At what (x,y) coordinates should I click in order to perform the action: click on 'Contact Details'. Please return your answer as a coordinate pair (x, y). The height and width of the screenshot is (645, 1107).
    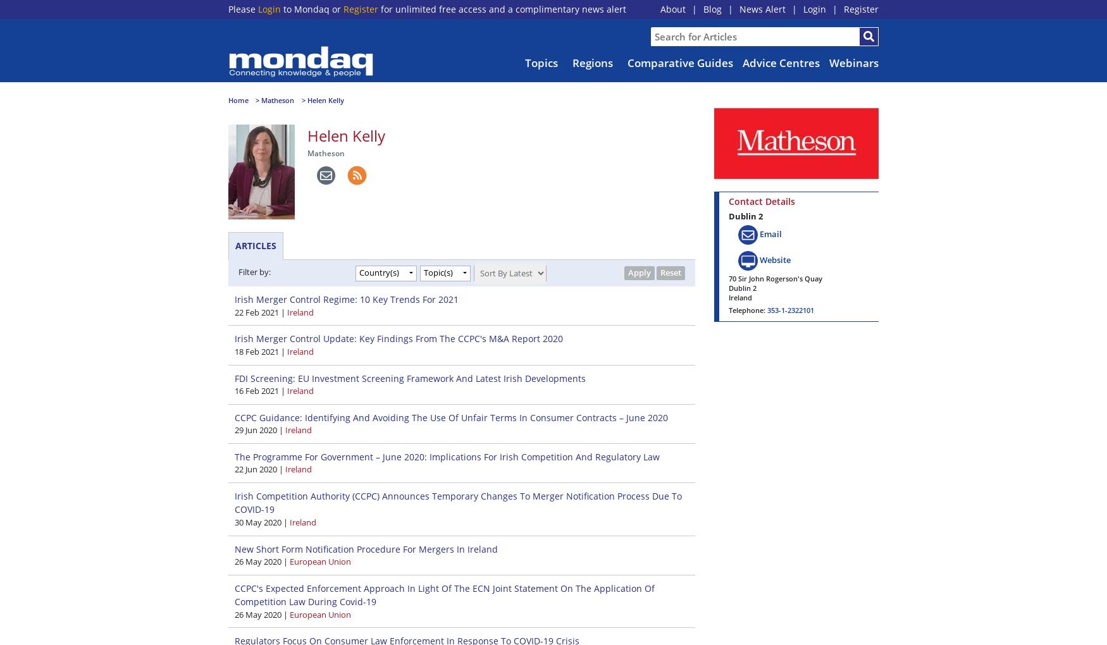
    Looking at the image, I should click on (762, 200).